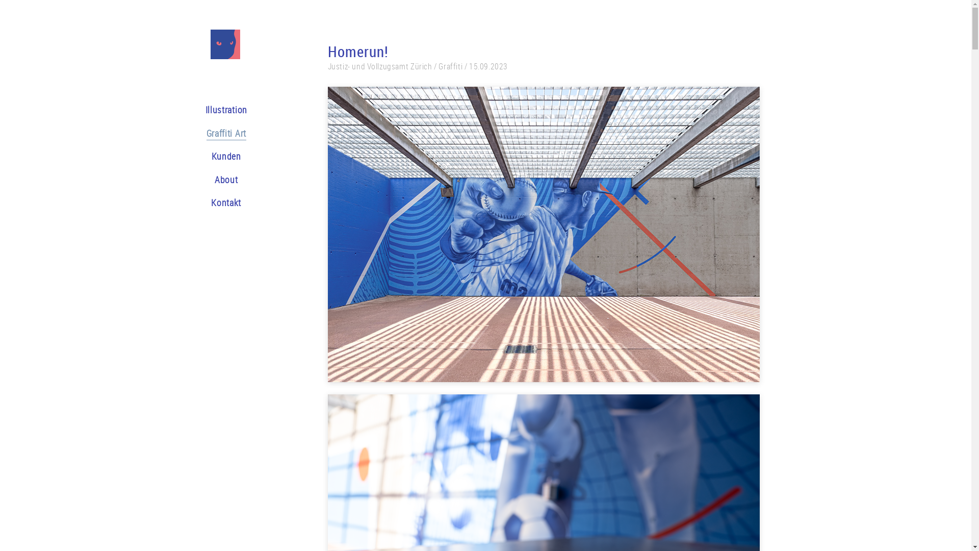 This screenshot has height=551, width=979. I want to click on 'Illustration', so click(204, 111).